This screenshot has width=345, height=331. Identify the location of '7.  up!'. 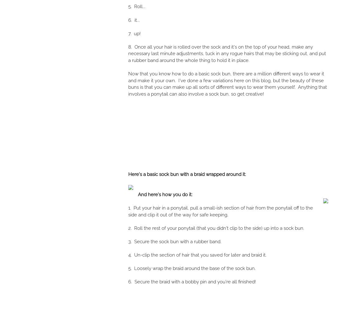
(134, 33).